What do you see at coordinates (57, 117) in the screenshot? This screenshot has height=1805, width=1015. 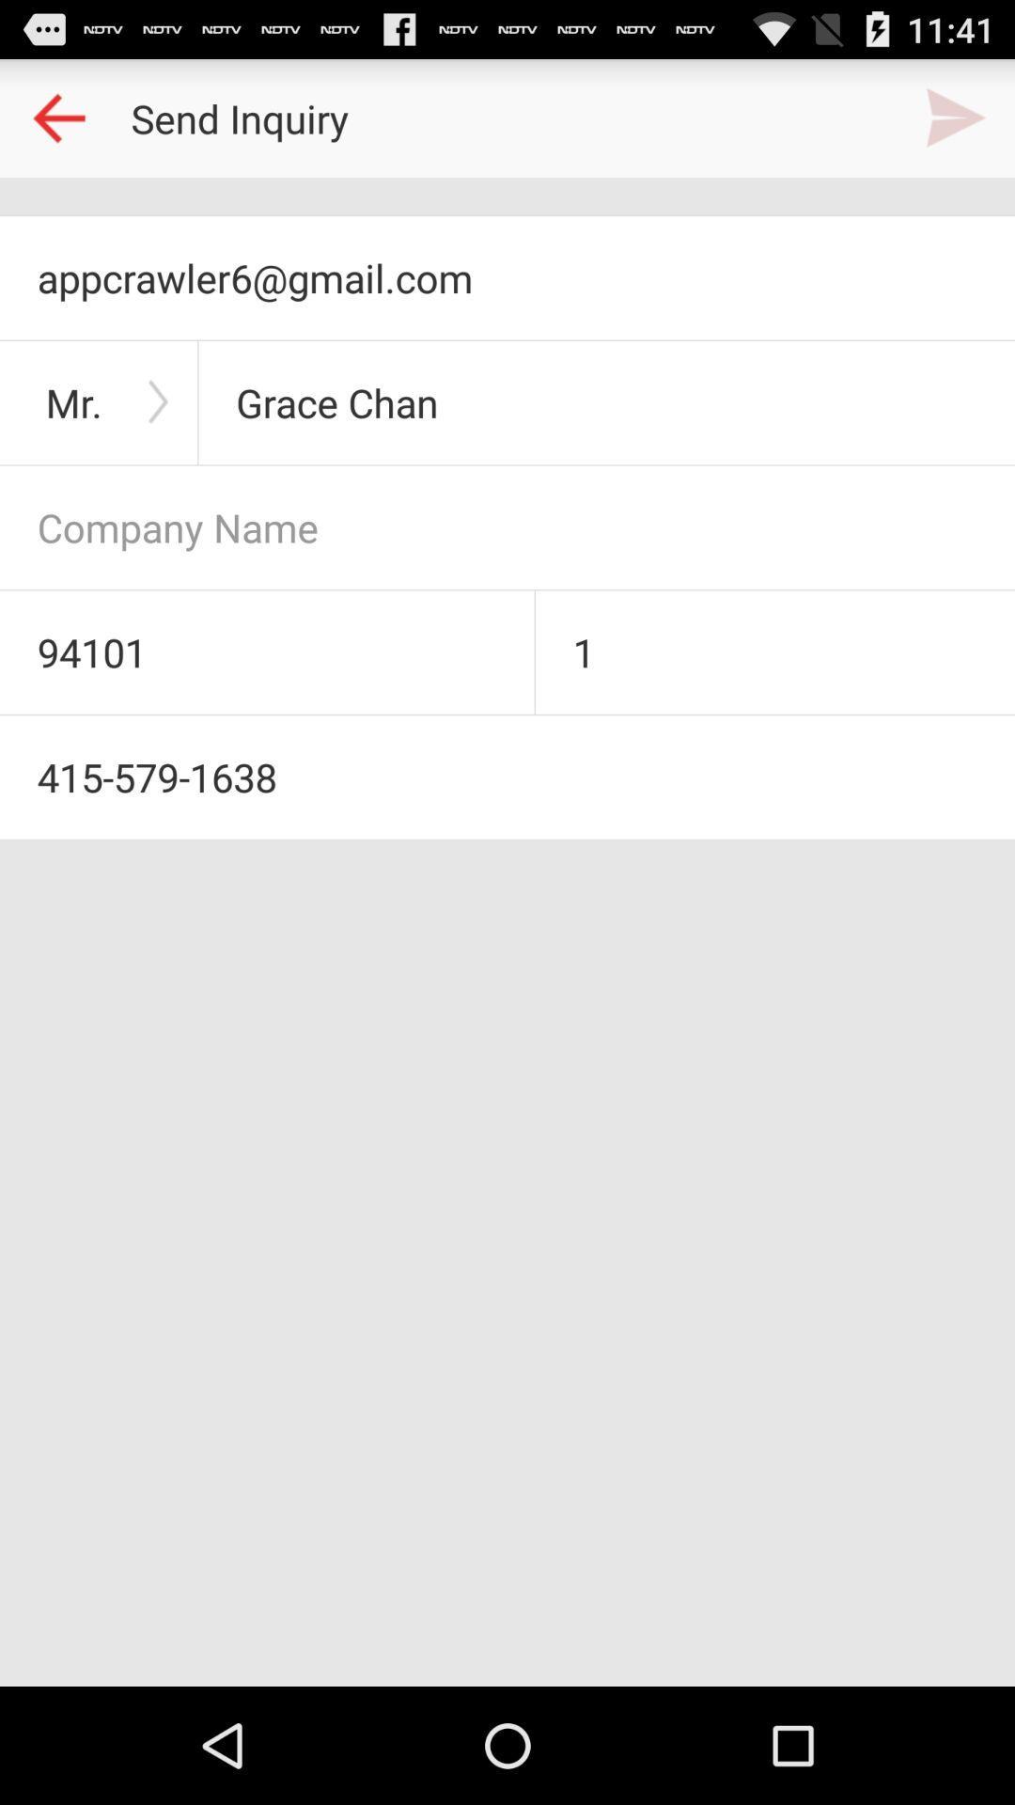 I see `back arrow` at bounding box center [57, 117].